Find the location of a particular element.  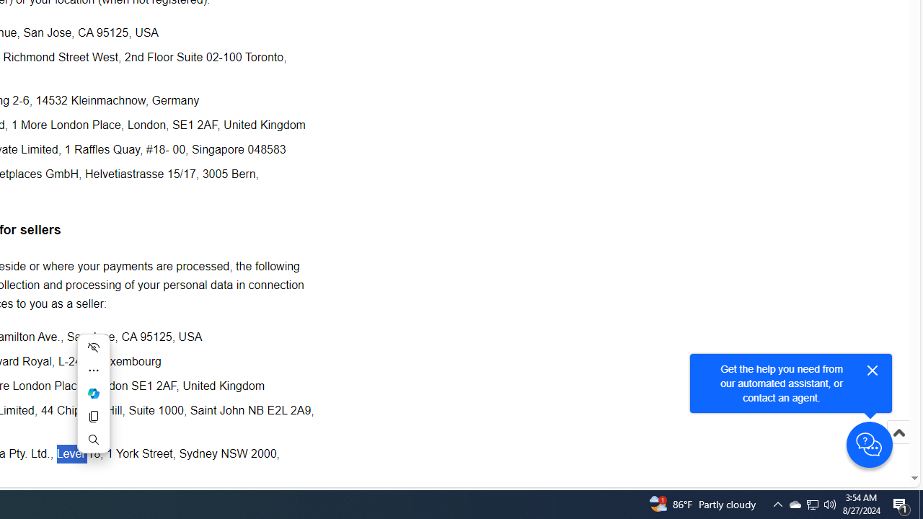

'Scroll to top' is located at coordinates (898, 447).